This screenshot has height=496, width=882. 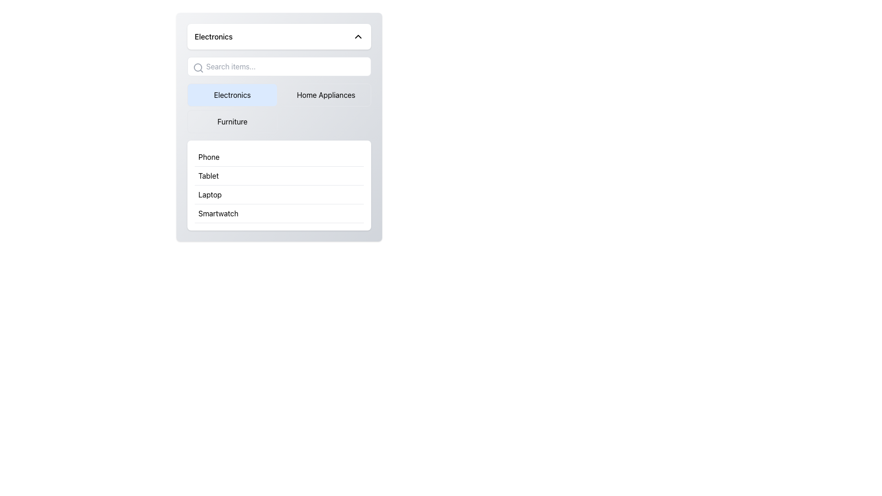 I want to click on text element displaying 'Laptop' which is positioned in the third place of a vertical list under the 'Electronics' category, so click(x=209, y=194).